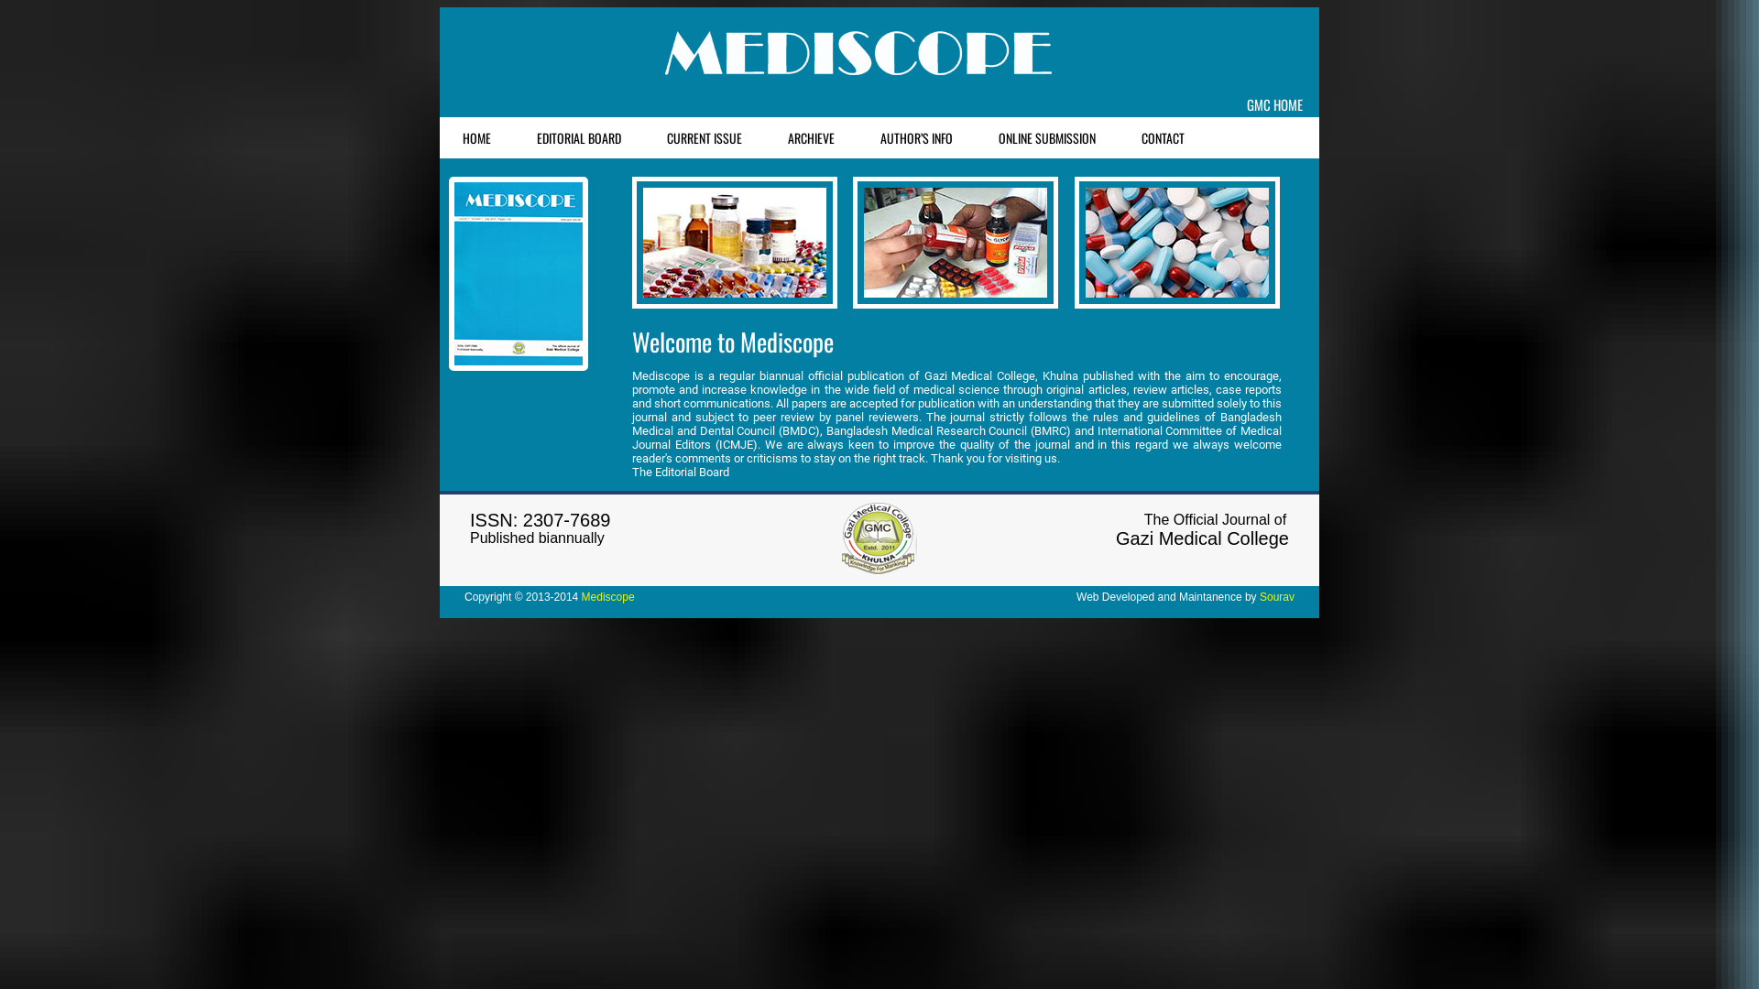 The image size is (1759, 989). I want to click on 'ARCHIEVE', so click(810, 136).